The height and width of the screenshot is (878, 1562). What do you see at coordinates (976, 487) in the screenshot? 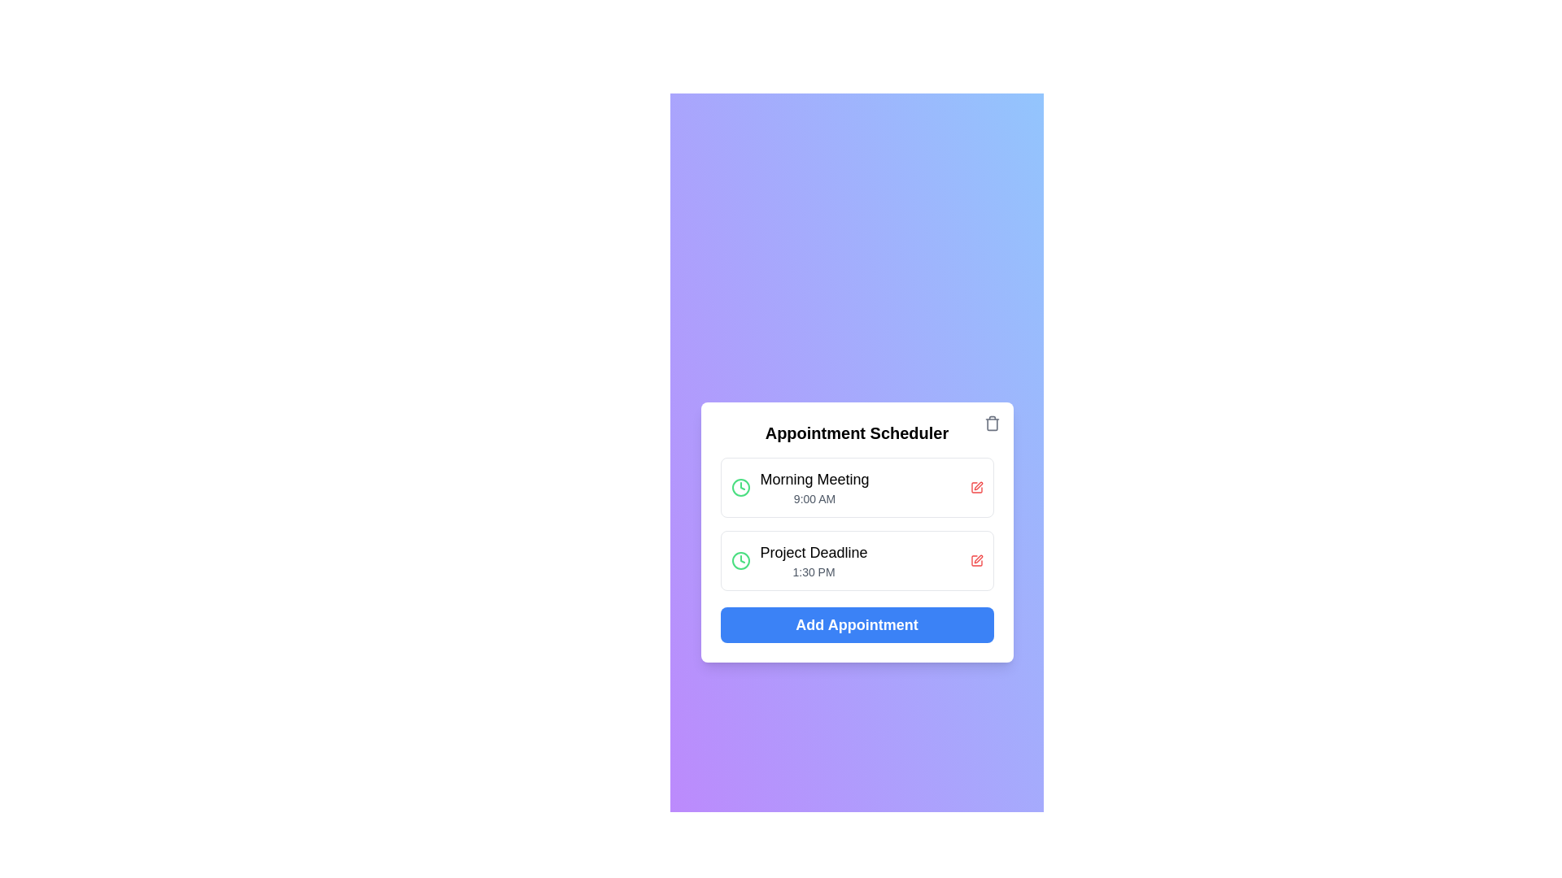
I see `the red interactive edit icon located on the right side of the 'Morning Meeting' event panel to initiate editing` at bounding box center [976, 487].